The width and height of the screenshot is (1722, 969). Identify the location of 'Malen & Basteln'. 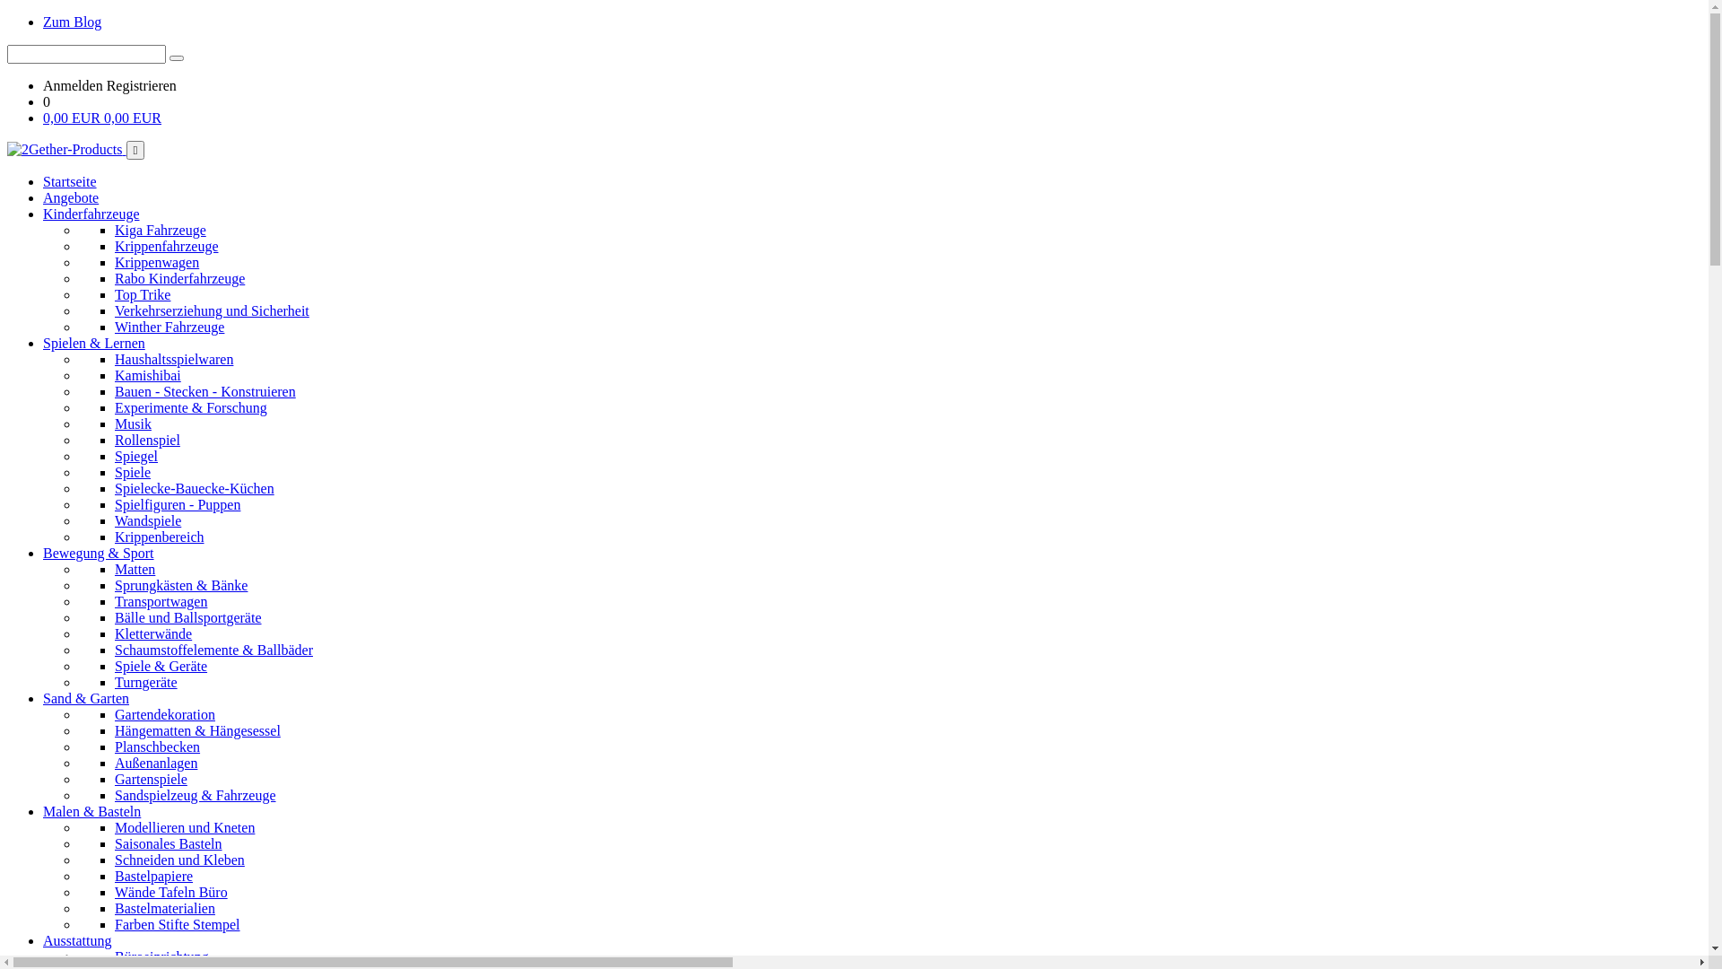
(91, 811).